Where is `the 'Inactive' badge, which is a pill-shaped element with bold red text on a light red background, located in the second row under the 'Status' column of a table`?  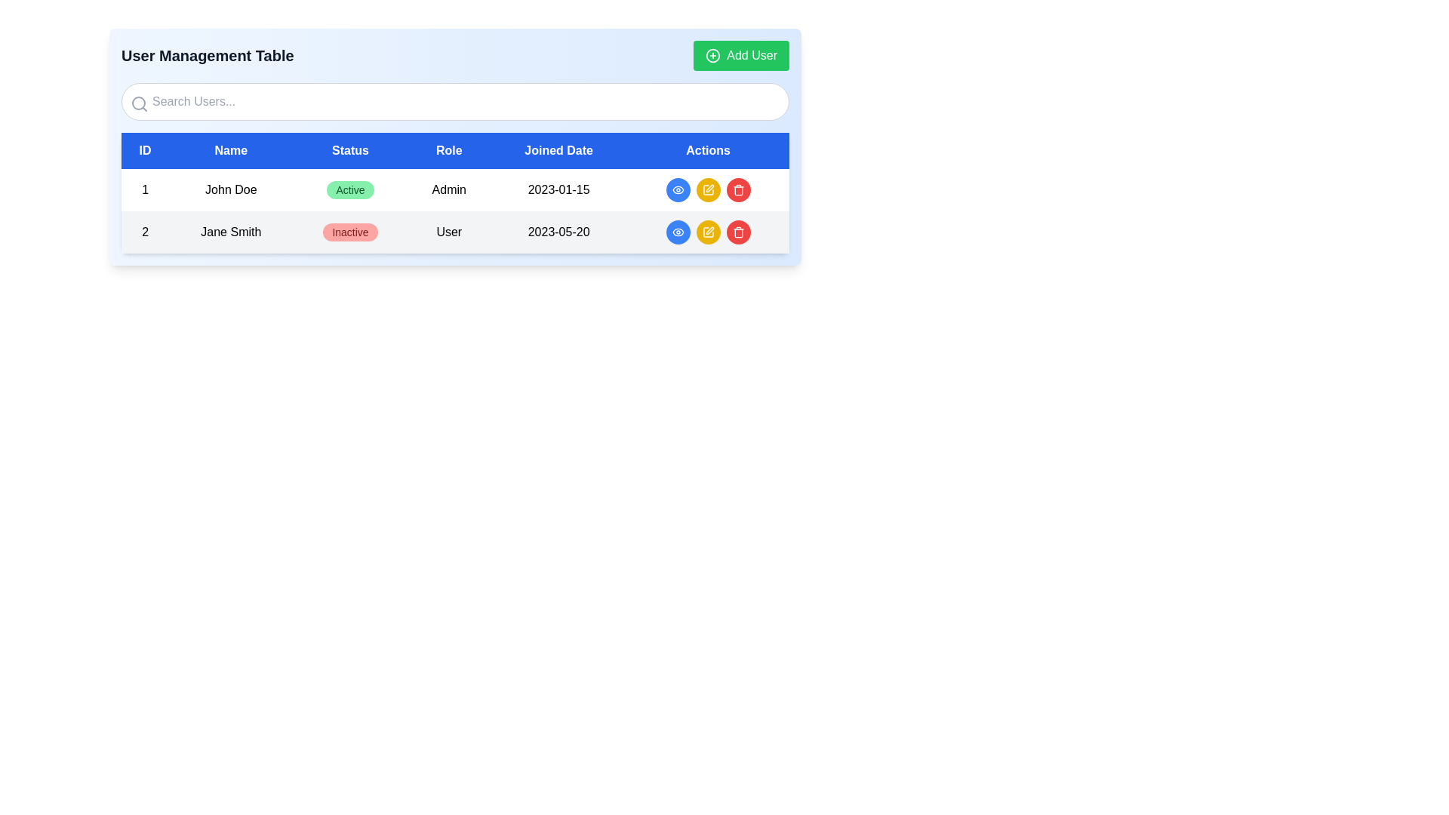
the 'Inactive' badge, which is a pill-shaped element with bold red text on a light red background, located in the second row under the 'Status' column of a table is located at coordinates (349, 232).